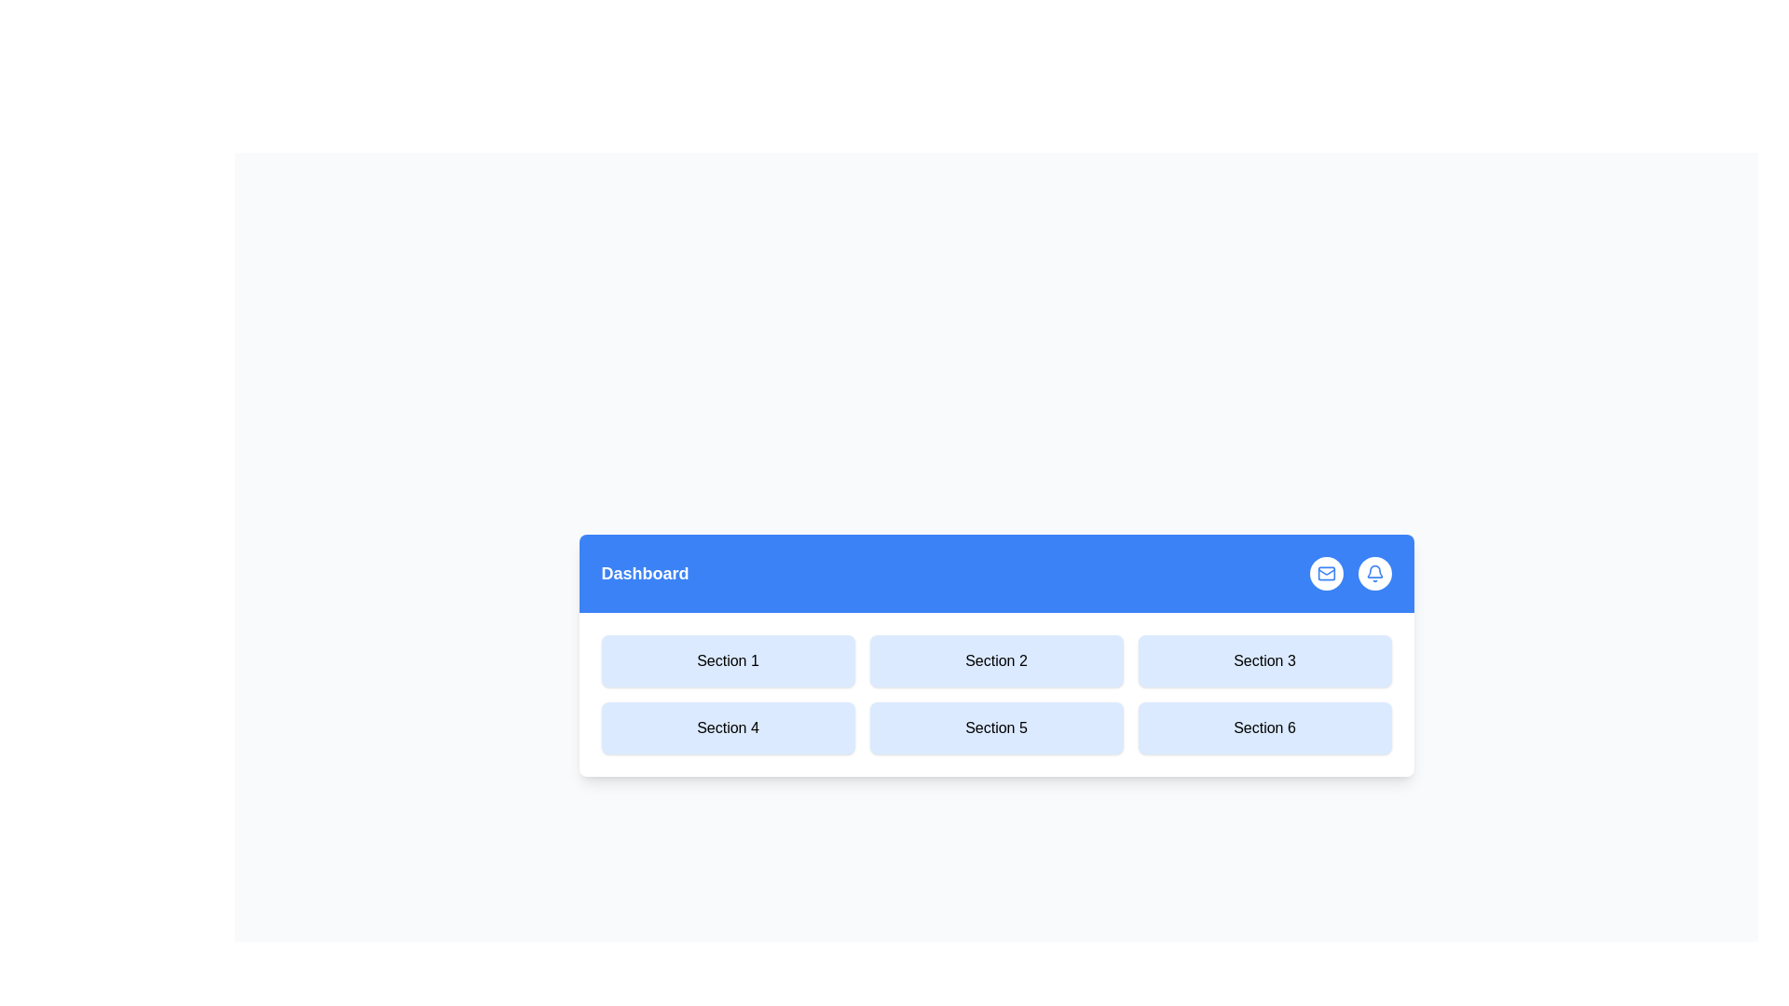 This screenshot has height=1006, width=1789. What do you see at coordinates (1264, 659) in the screenshot?
I see `the 'Section 3' button, which is a rectangular button with rounded corners located in the top-right corner of a grid layout of six buttons` at bounding box center [1264, 659].